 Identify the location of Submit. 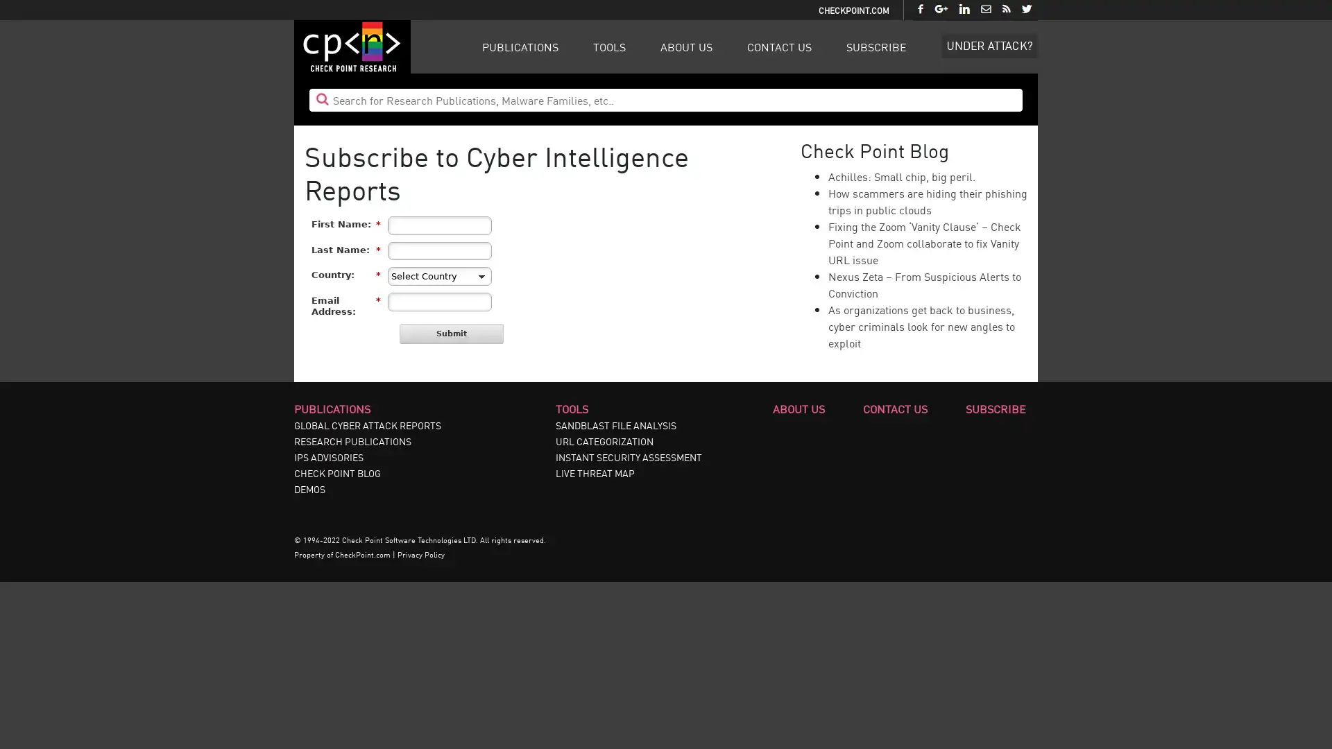
(452, 334).